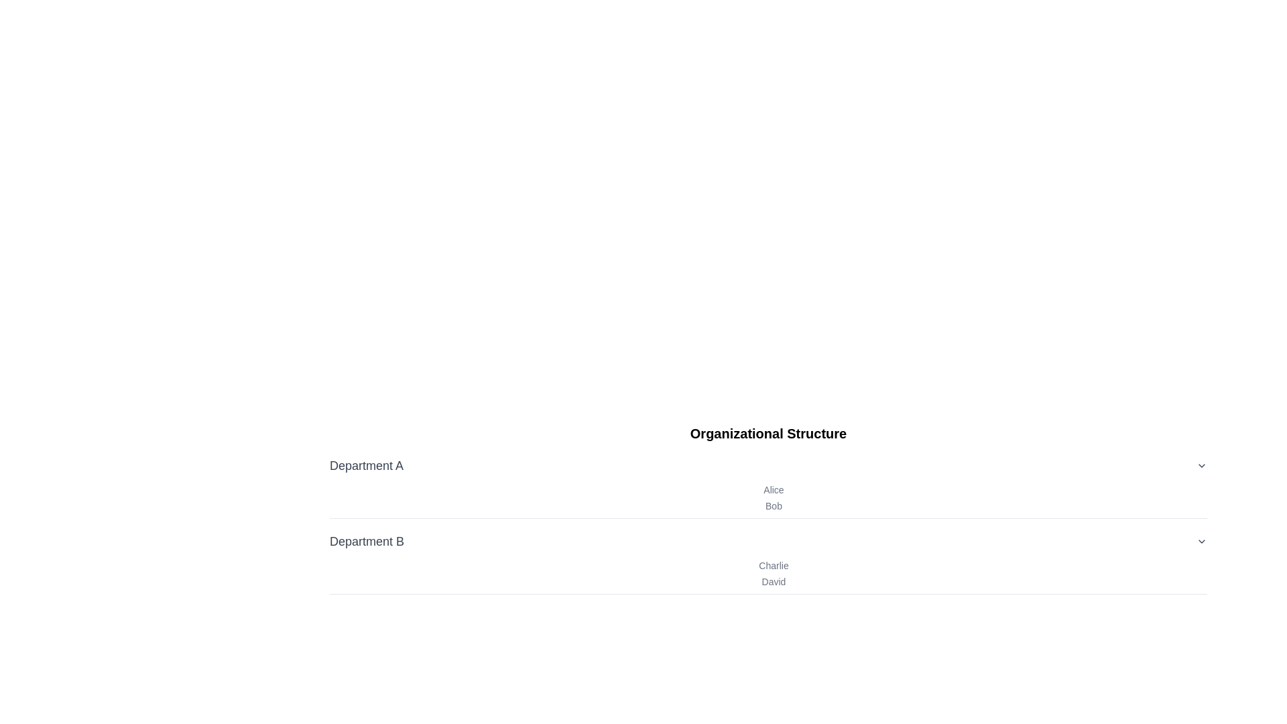  Describe the element at coordinates (1202, 540) in the screenshot. I see `the Chevron Down icon located at the far right of the 'Department B' section` at that location.